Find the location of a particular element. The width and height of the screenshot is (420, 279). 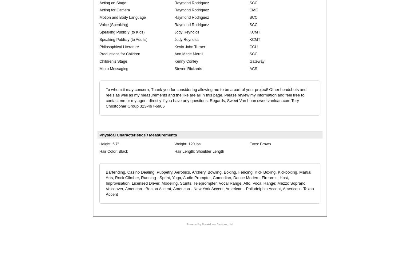

'Height:' is located at coordinates (105, 143).